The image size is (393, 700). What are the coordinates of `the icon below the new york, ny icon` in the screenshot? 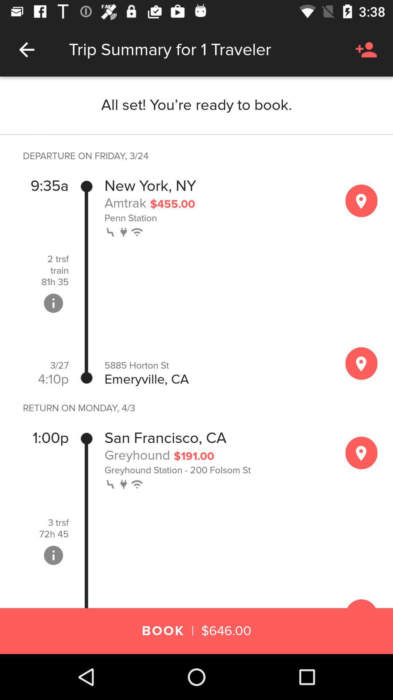 It's located at (125, 203).